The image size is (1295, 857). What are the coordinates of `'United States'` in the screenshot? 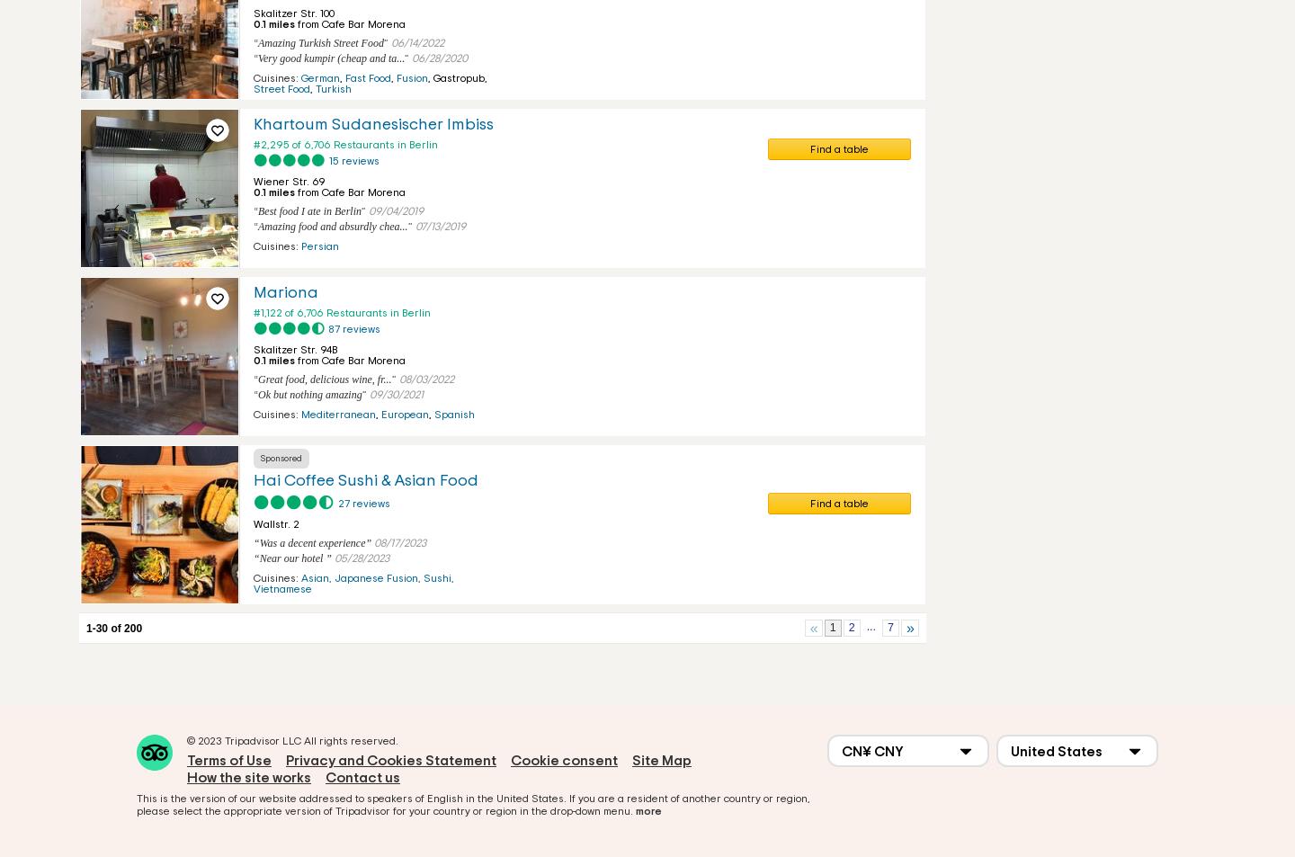 It's located at (1057, 751).